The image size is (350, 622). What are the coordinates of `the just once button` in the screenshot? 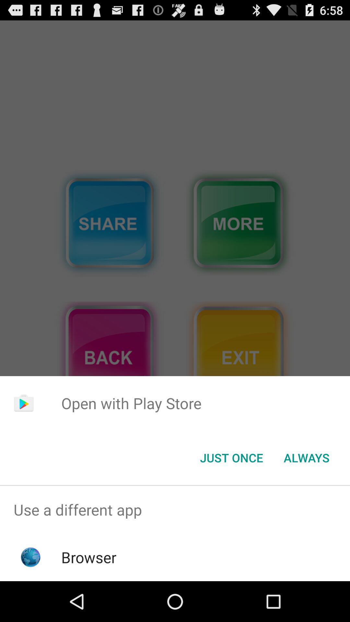 It's located at (231, 457).